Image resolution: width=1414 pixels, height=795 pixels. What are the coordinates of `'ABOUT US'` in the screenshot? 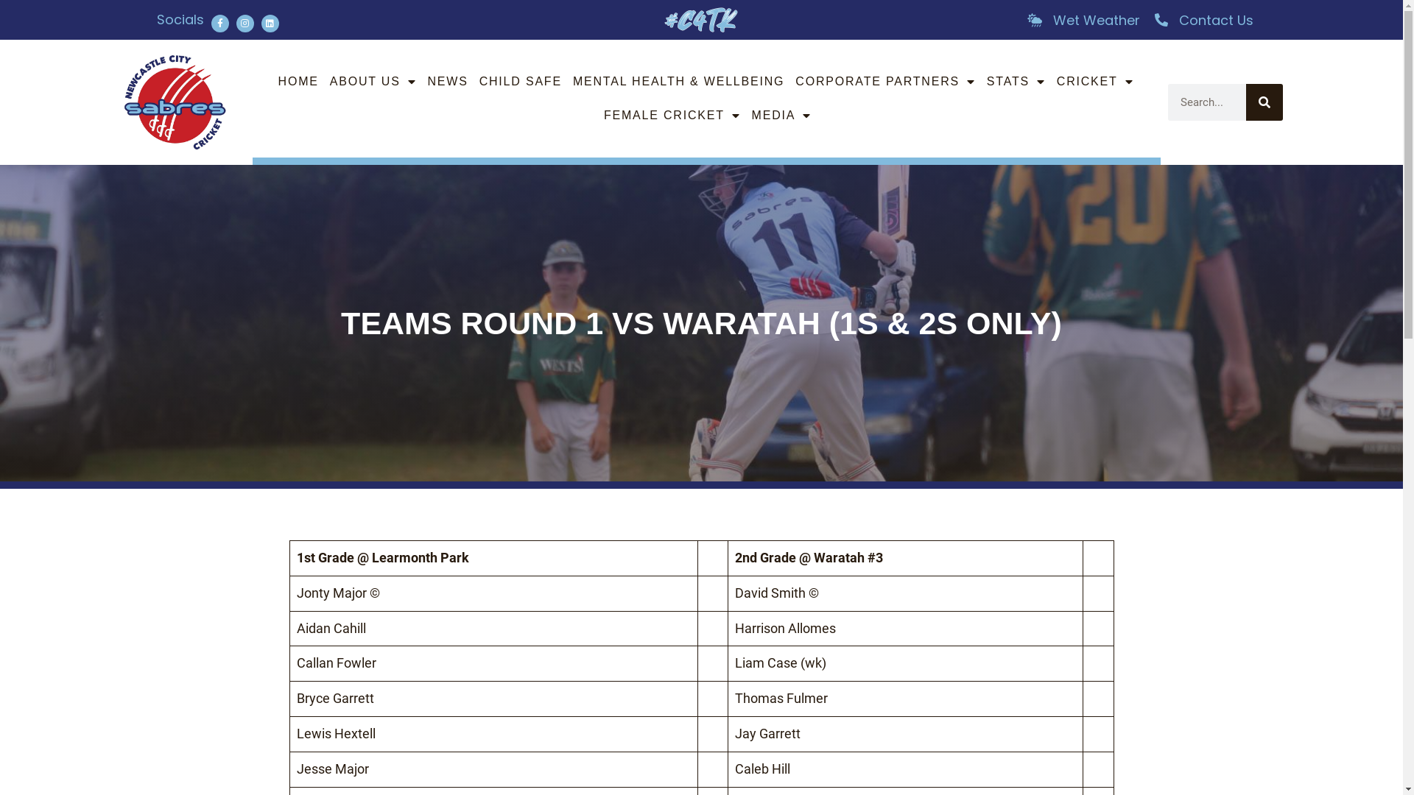 It's located at (373, 82).